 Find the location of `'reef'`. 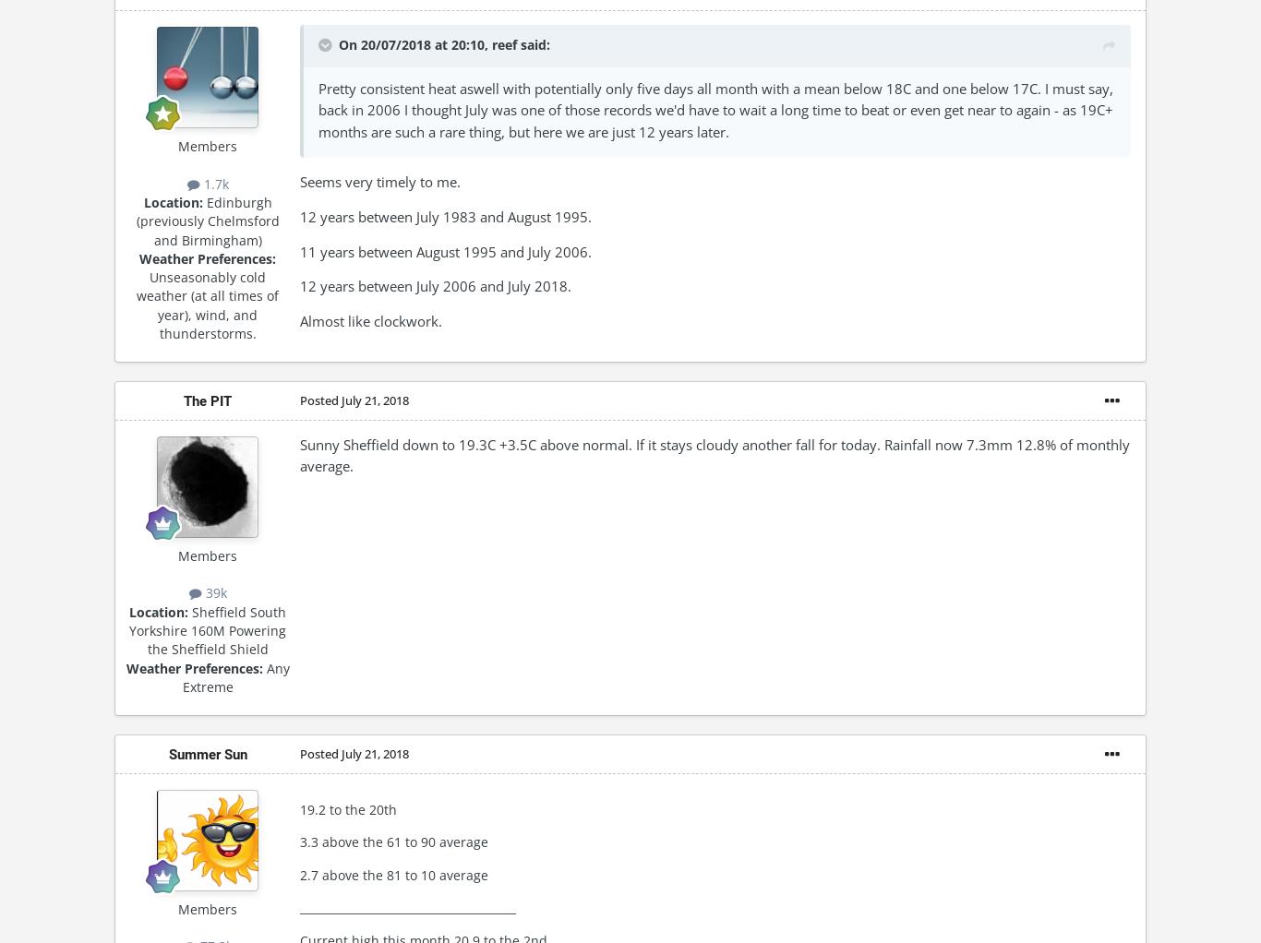

'reef' is located at coordinates (492, 44).